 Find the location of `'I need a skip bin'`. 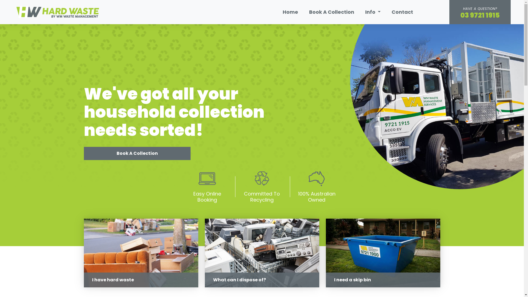

'I need a skip bin' is located at coordinates (383, 253).